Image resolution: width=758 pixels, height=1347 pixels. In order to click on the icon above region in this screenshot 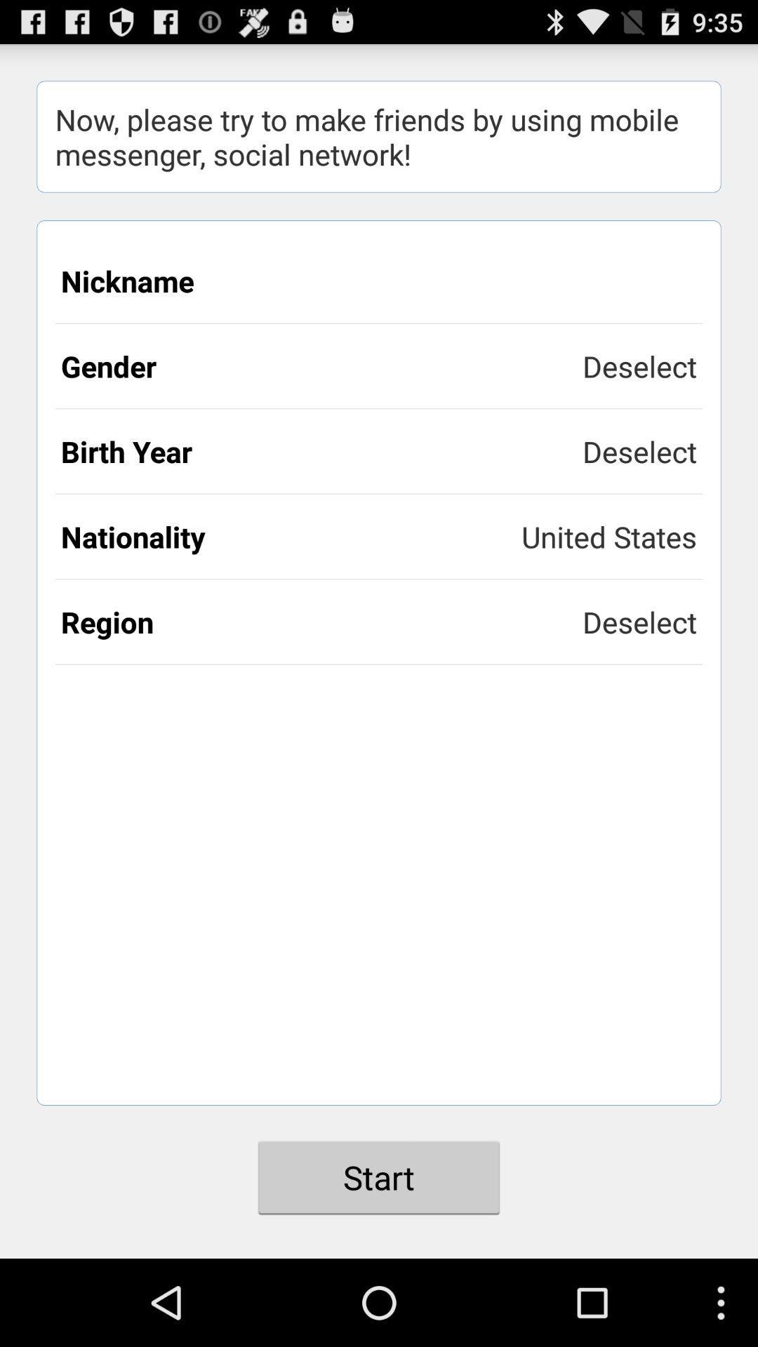, I will do `click(609, 535)`.